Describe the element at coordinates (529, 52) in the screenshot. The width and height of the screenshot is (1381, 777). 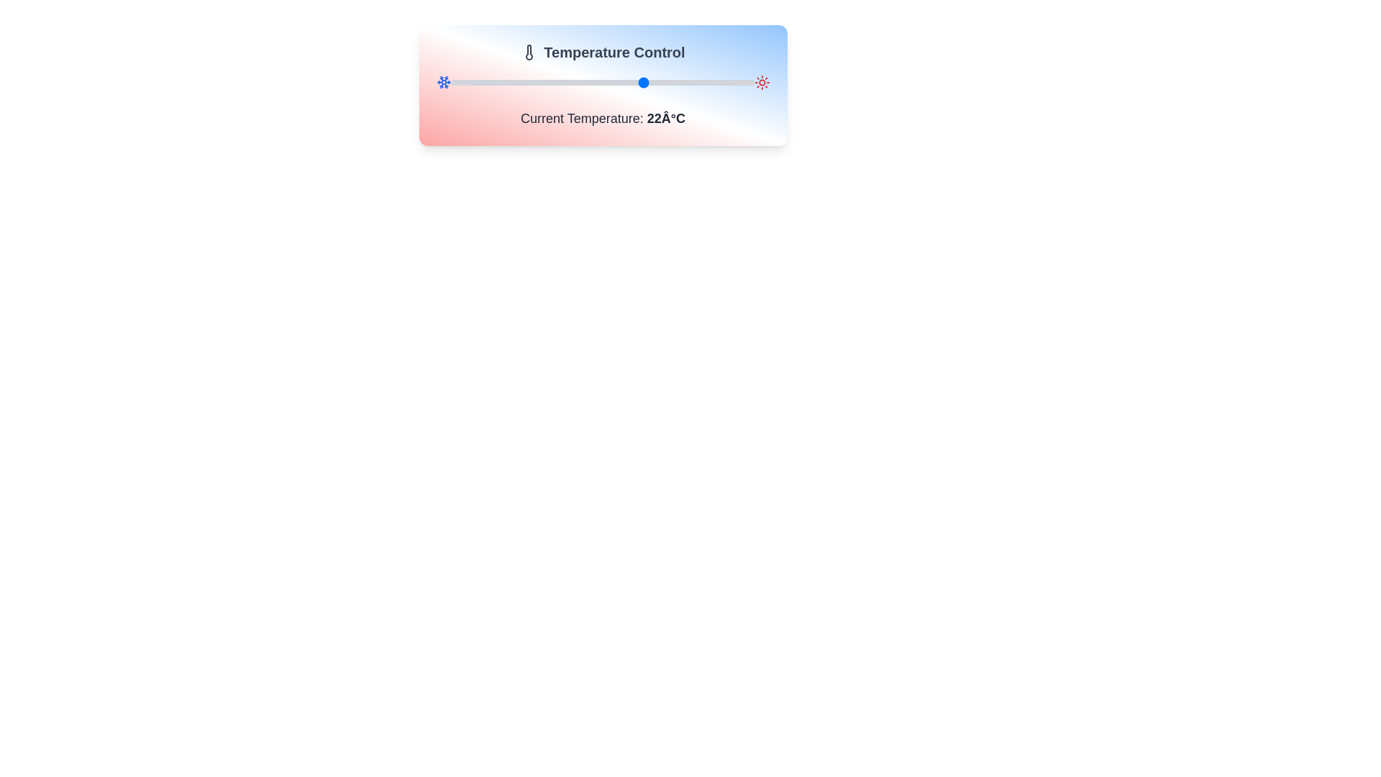
I see `the thermometer icon located near the top center of the interface, preceding the label 'Temperature Control'` at that location.